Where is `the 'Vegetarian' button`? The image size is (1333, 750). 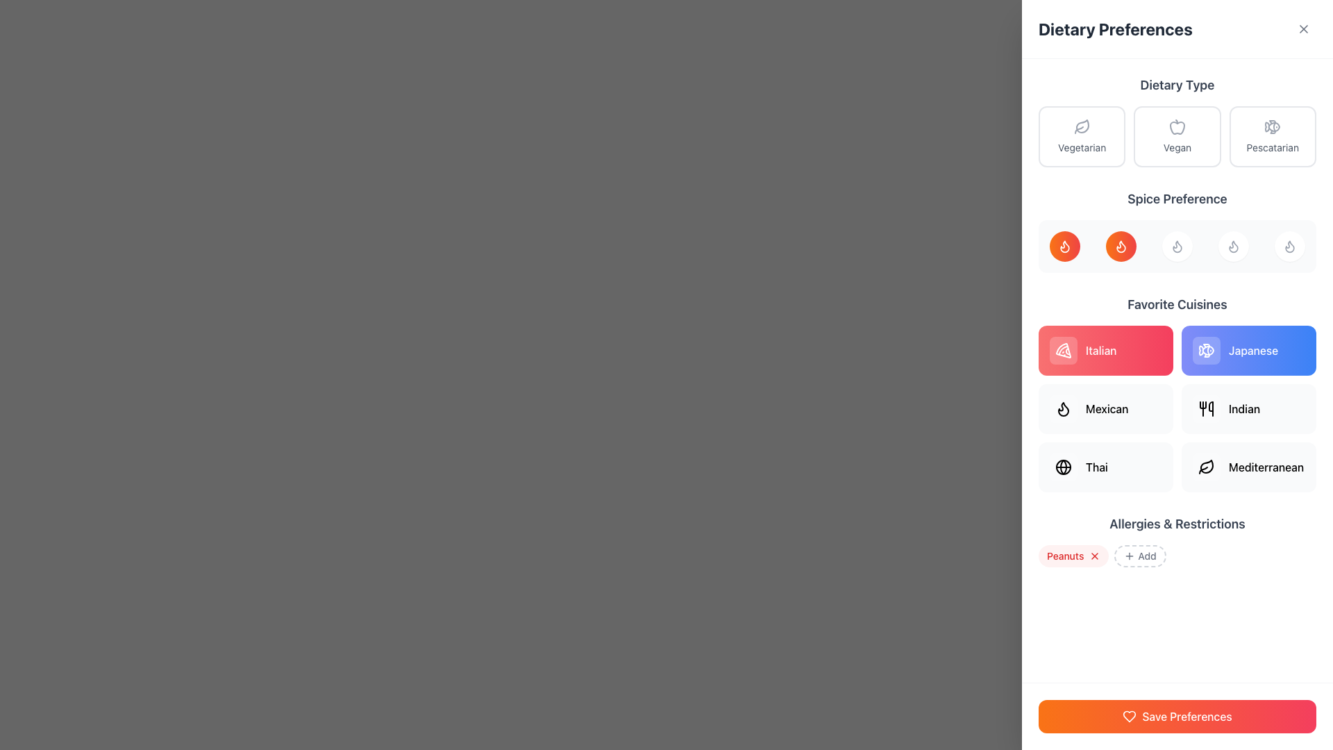
the 'Vegetarian' button is located at coordinates (1081, 136).